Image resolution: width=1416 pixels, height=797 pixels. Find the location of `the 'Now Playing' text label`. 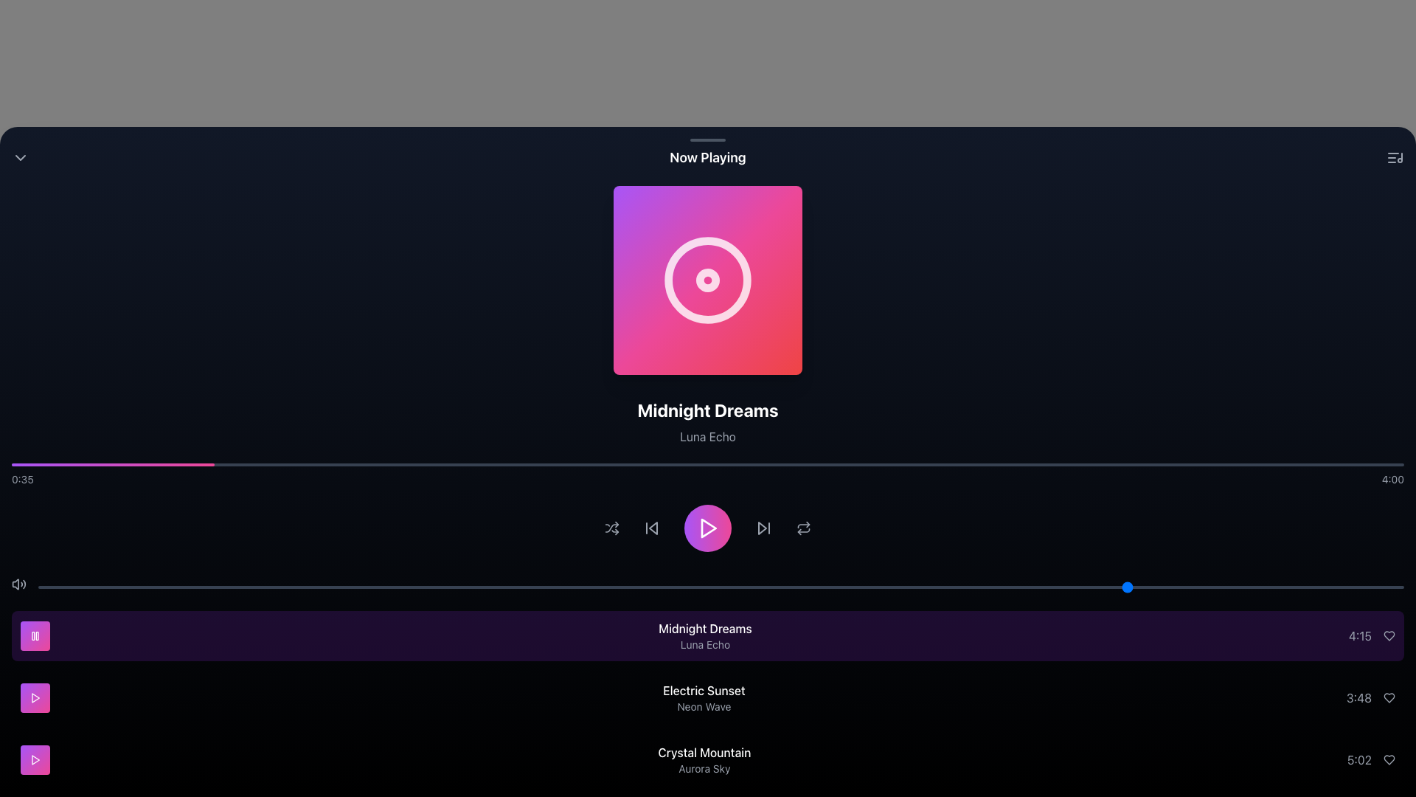

the 'Now Playing' text label is located at coordinates (708, 157).